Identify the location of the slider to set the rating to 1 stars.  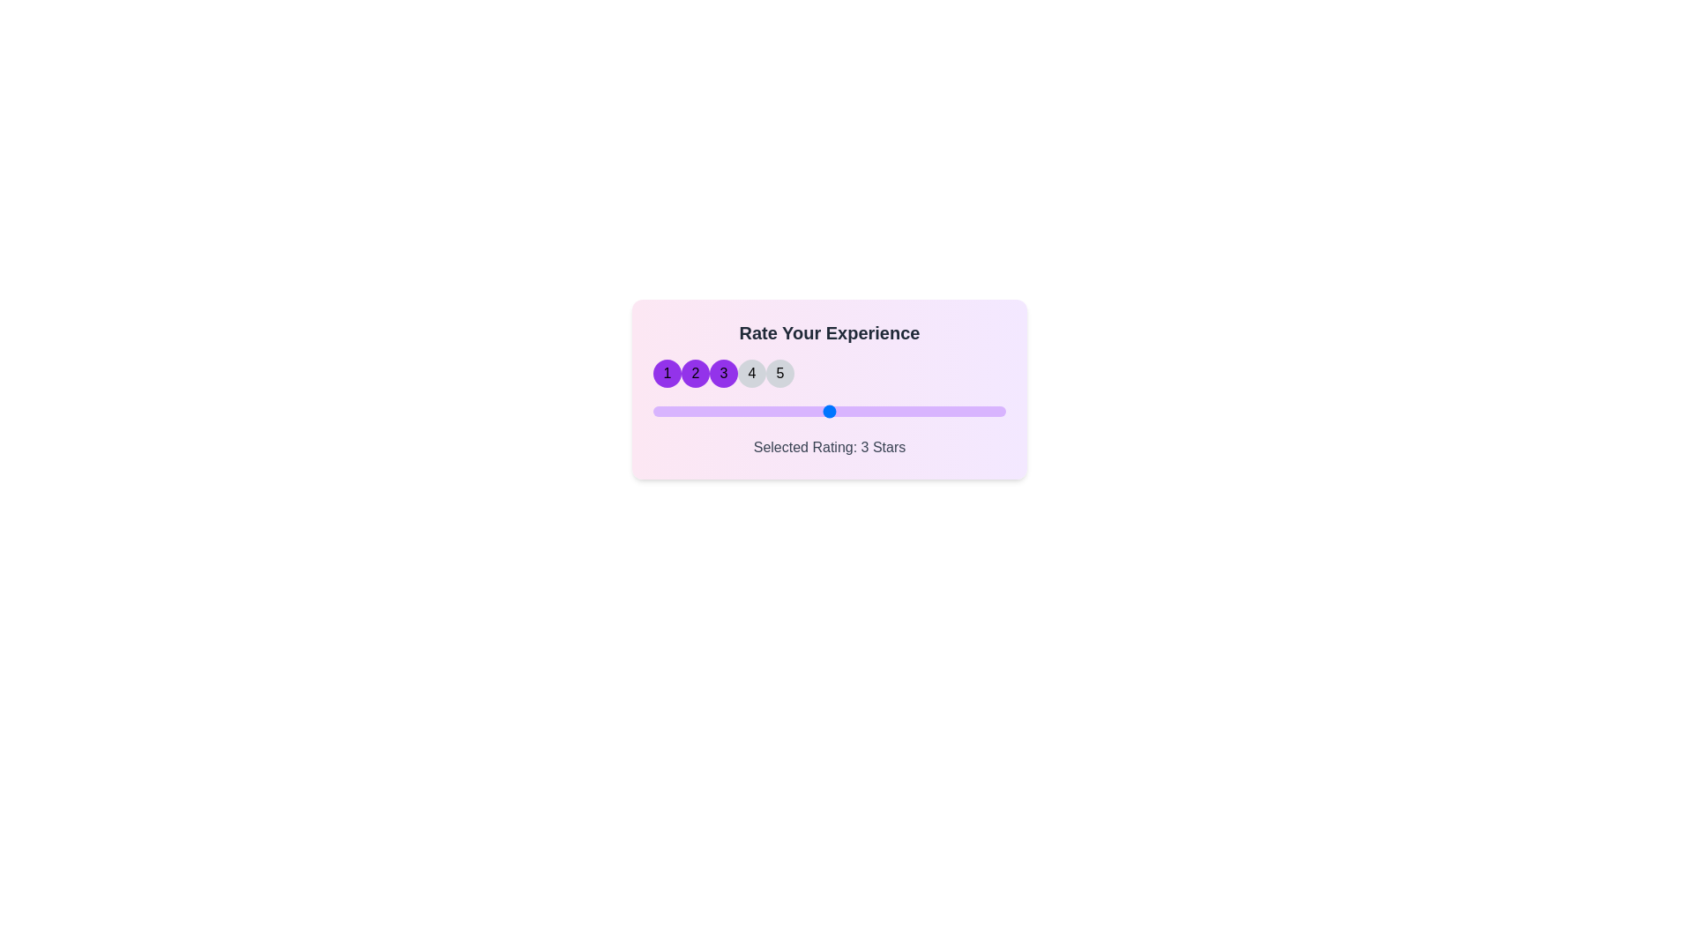
(652, 411).